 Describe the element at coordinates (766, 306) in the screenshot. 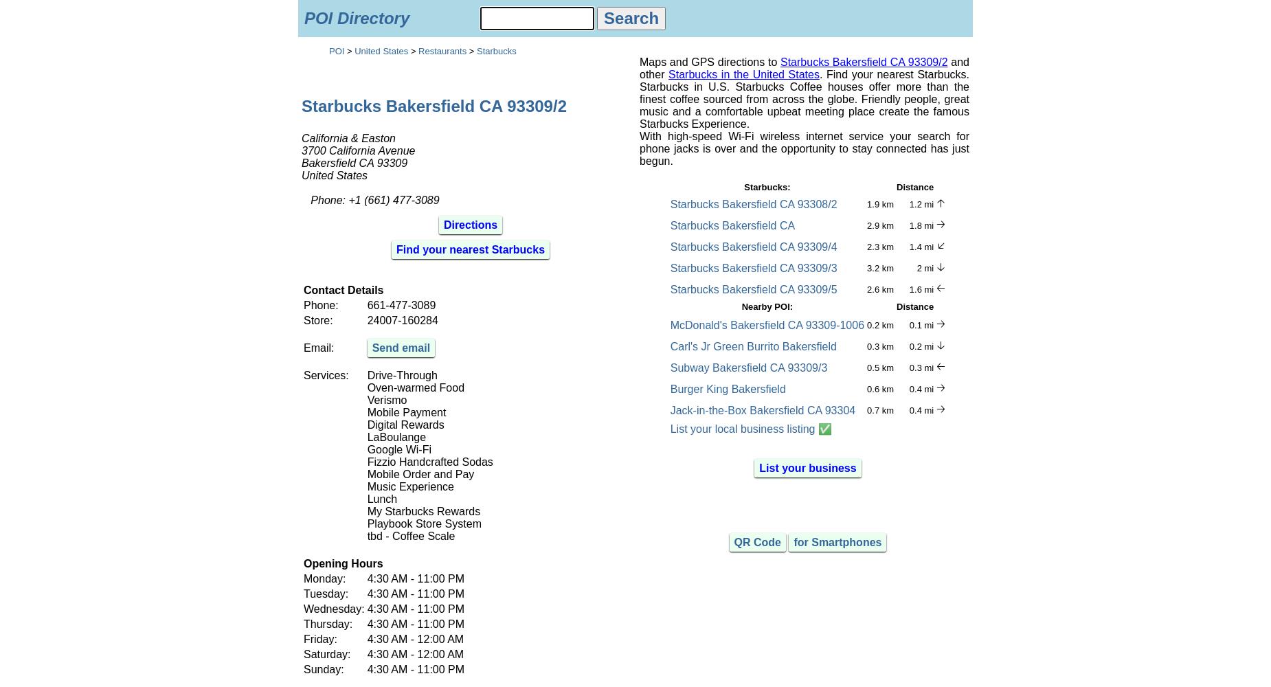

I see `'Nearby POI:'` at that location.